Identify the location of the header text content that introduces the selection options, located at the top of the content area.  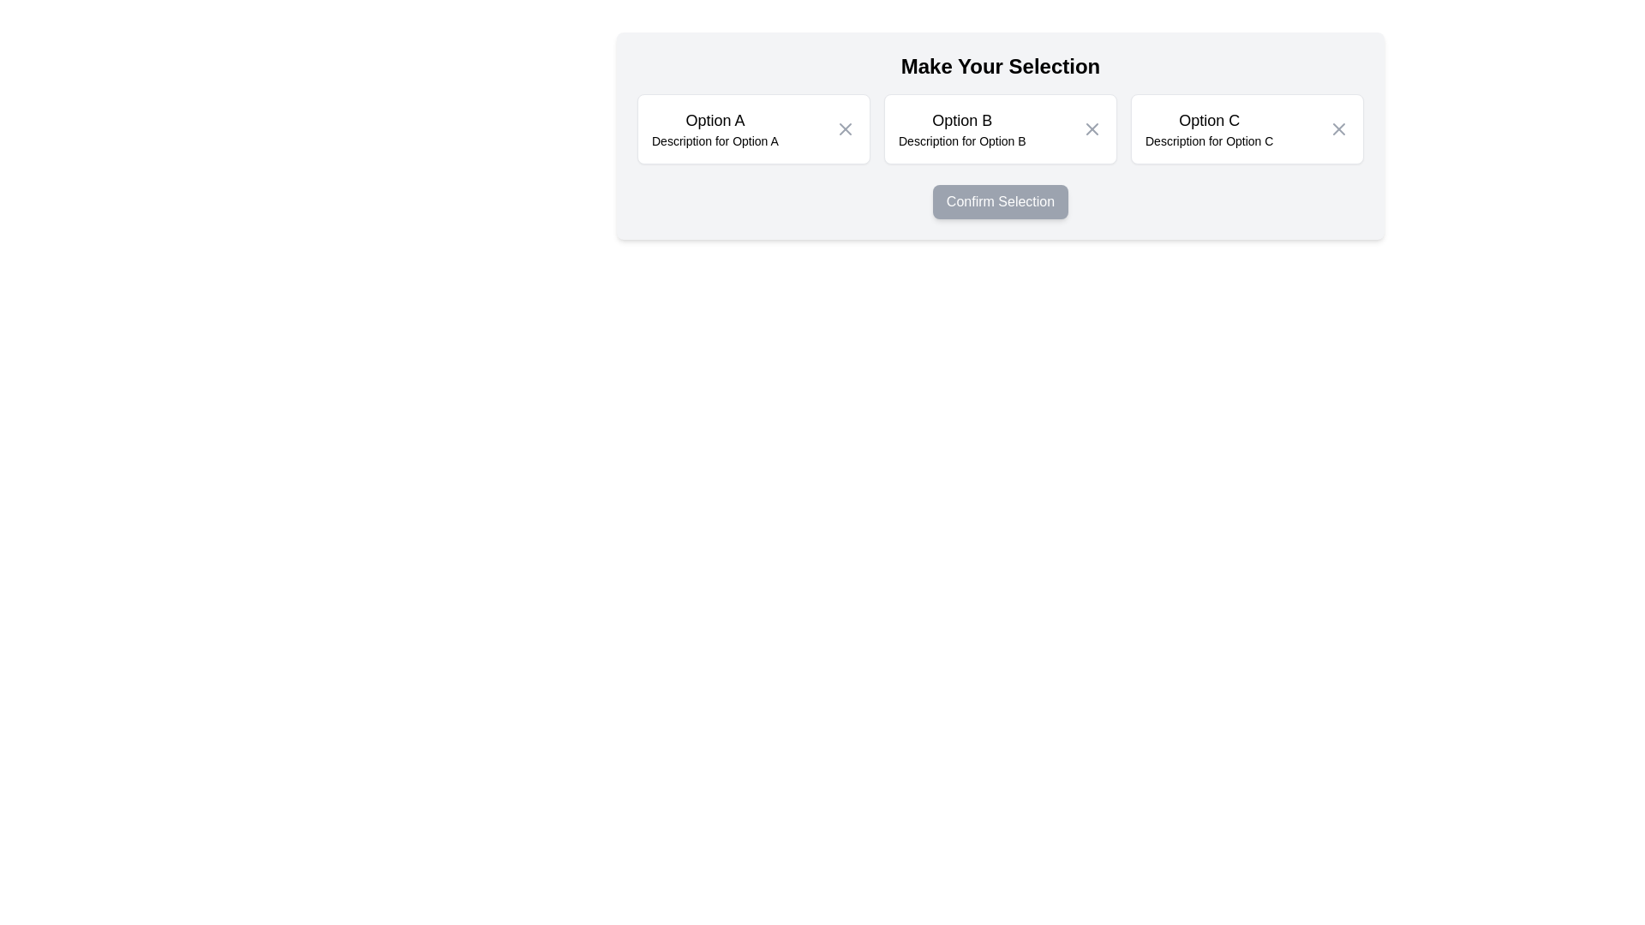
(1000, 65).